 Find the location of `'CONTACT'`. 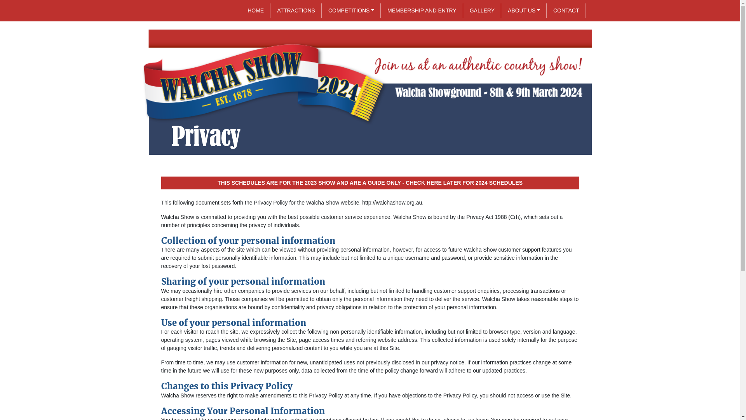

'CONTACT' is located at coordinates (566, 10).